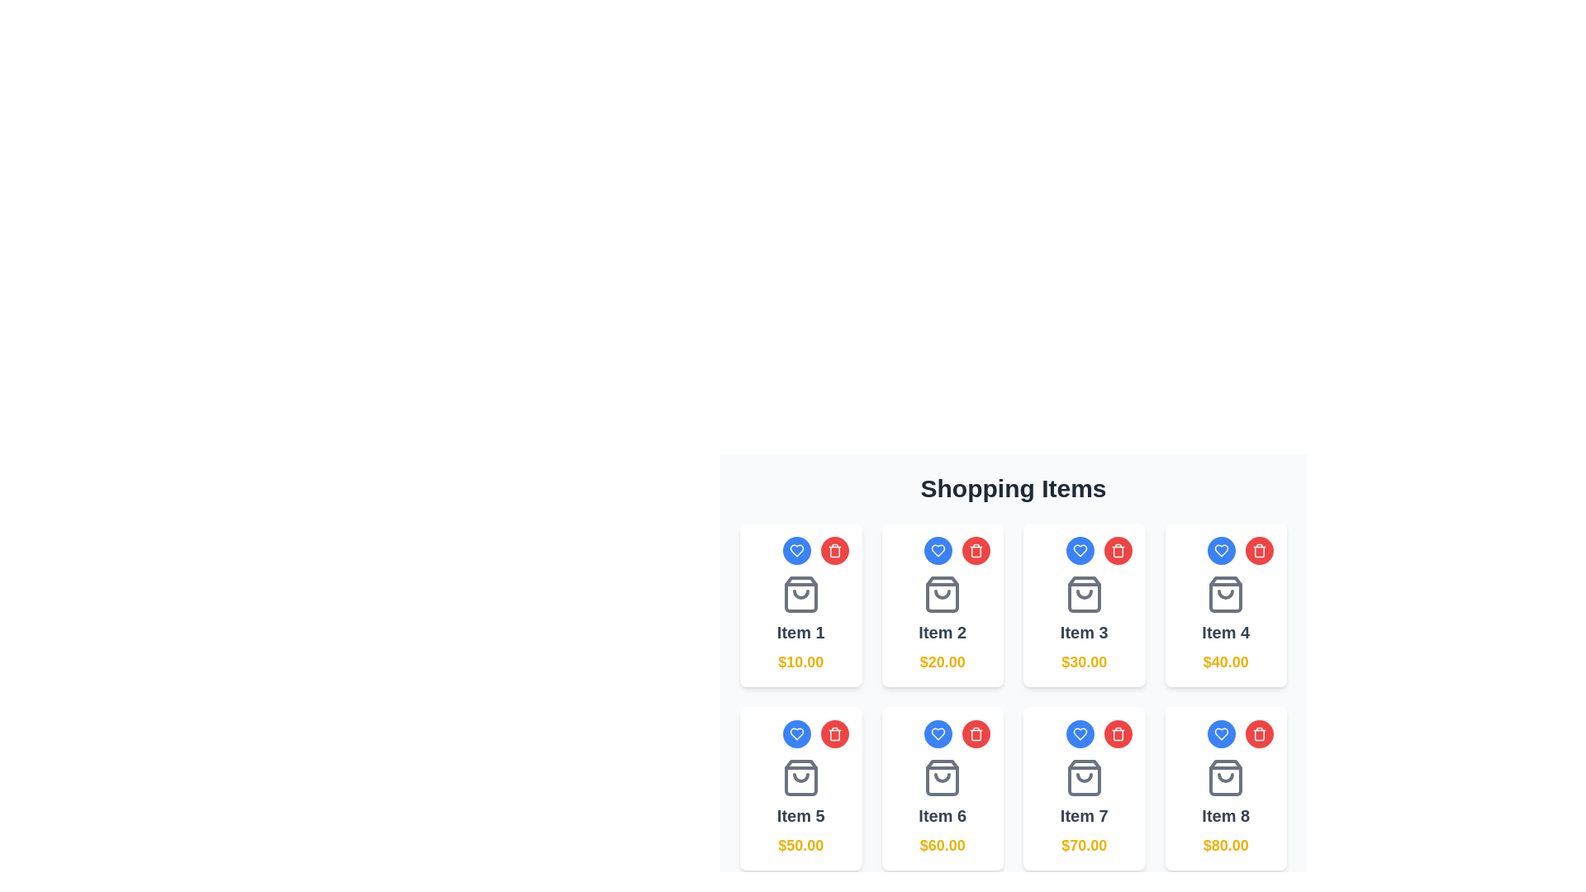 The height and width of the screenshot is (892, 1586). I want to click on the circular red button with a trash can icon located in the bottom row of the grid for 'Item 6', so click(976, 733).